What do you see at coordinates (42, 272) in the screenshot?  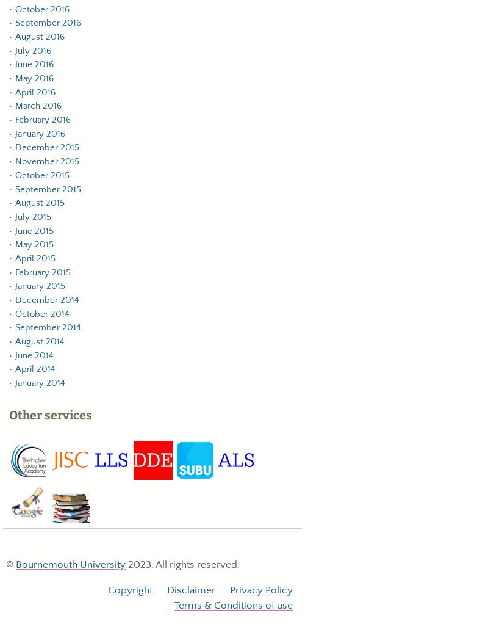 I see `'February 2015'` at bounding box center [42, 272].